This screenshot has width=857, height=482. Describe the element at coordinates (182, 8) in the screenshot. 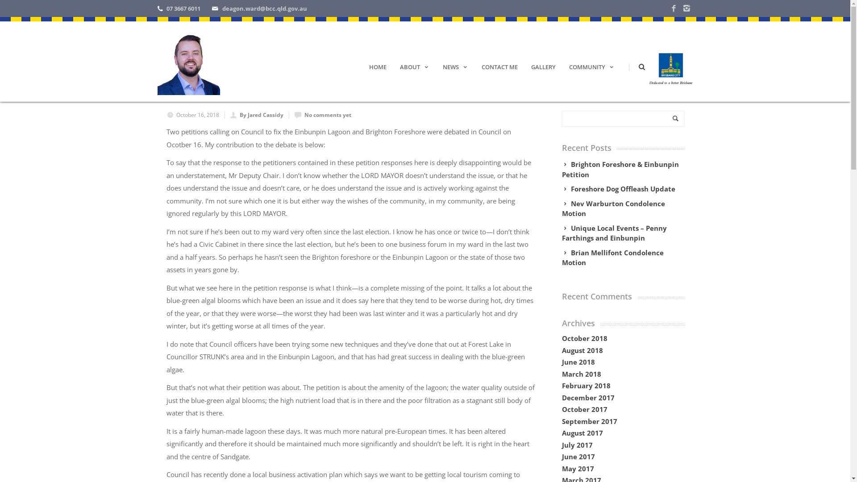

I see `'07 3667 6011'` at that location.